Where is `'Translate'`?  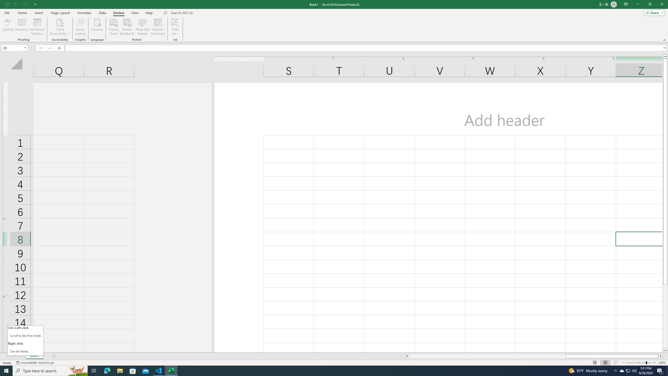 'Translate' is located at coordinates (97, 27).